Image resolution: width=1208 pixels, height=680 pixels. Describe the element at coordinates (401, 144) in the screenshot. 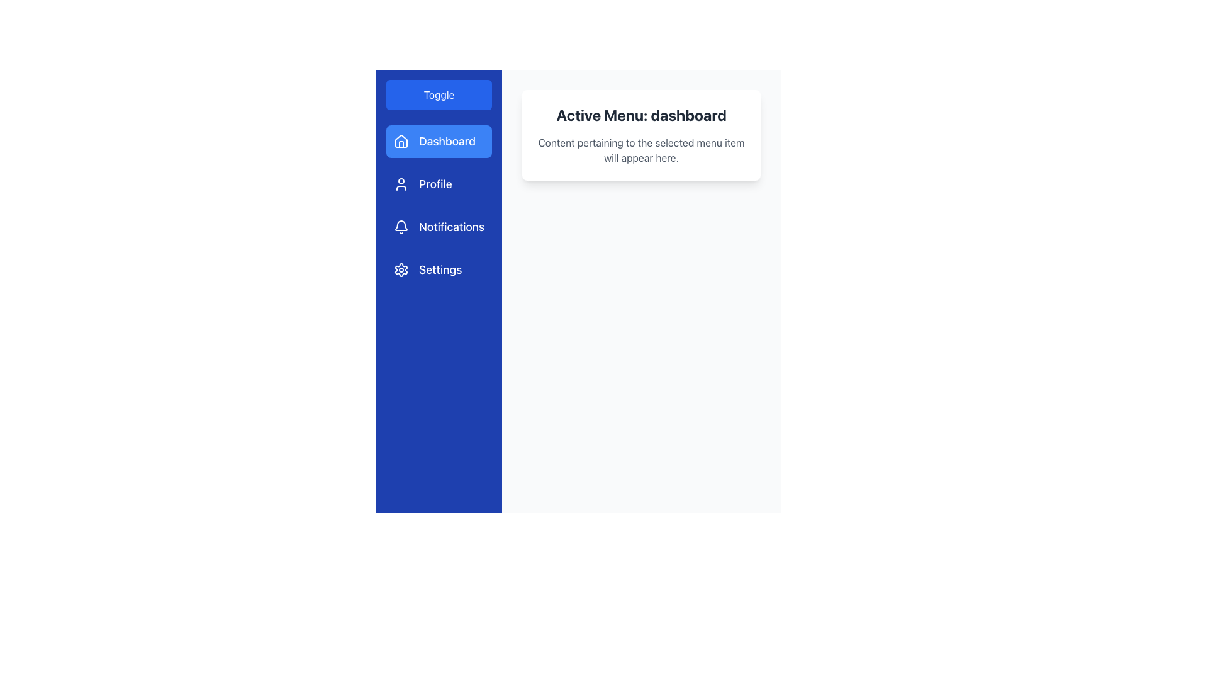

I see `the house-shaped icon within the sidebar menu that represents the dashboard option` at that location.